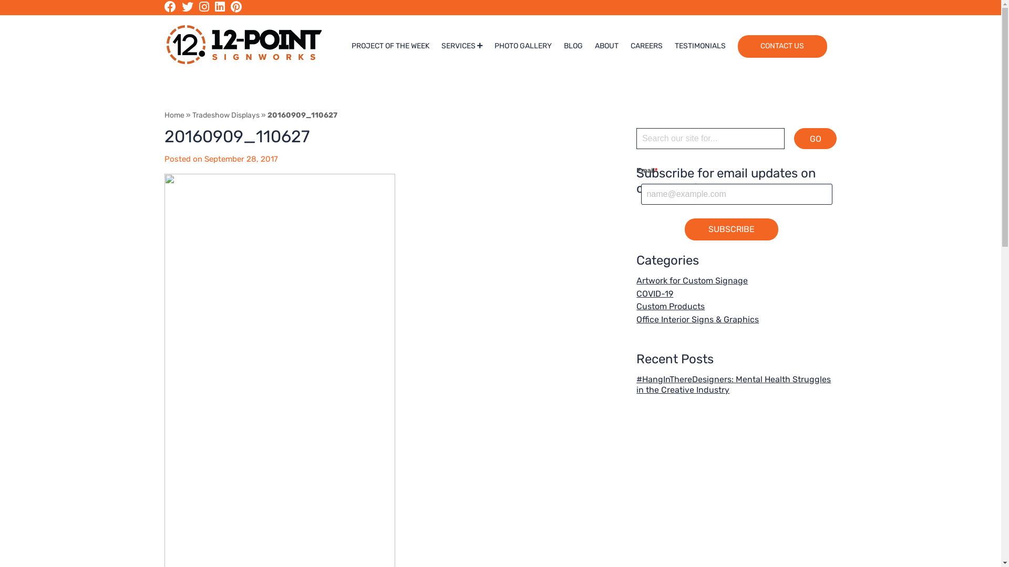 The image size is (1009, 567). Describe the element at coordinates (606, 46) in the screenshot. I see `'ABOUT'` at that location.